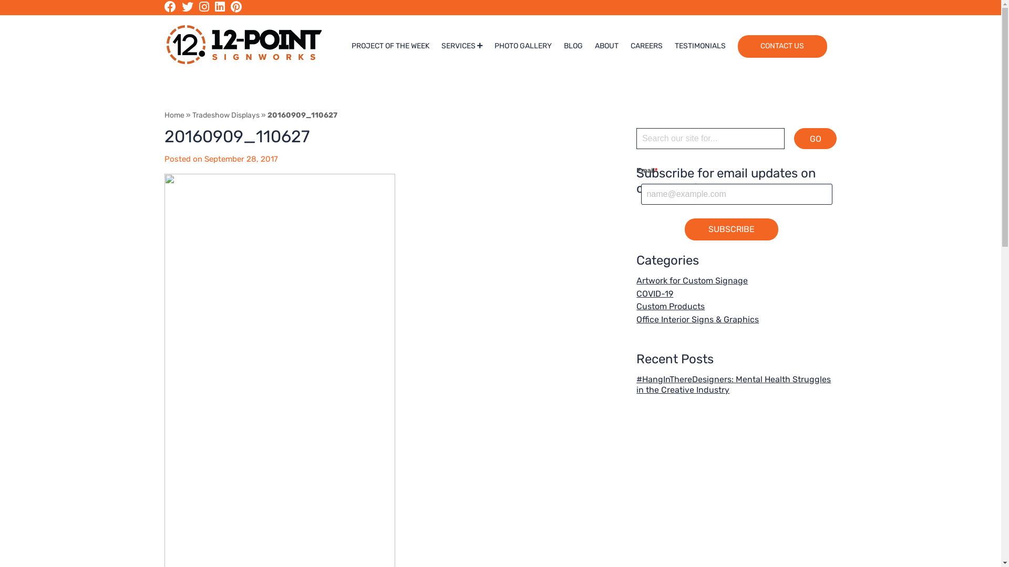 The image size is (1009, 567). Describe the element at coordinates (606, 46) in the screenshot. I see `'ABOUT'` at that location.